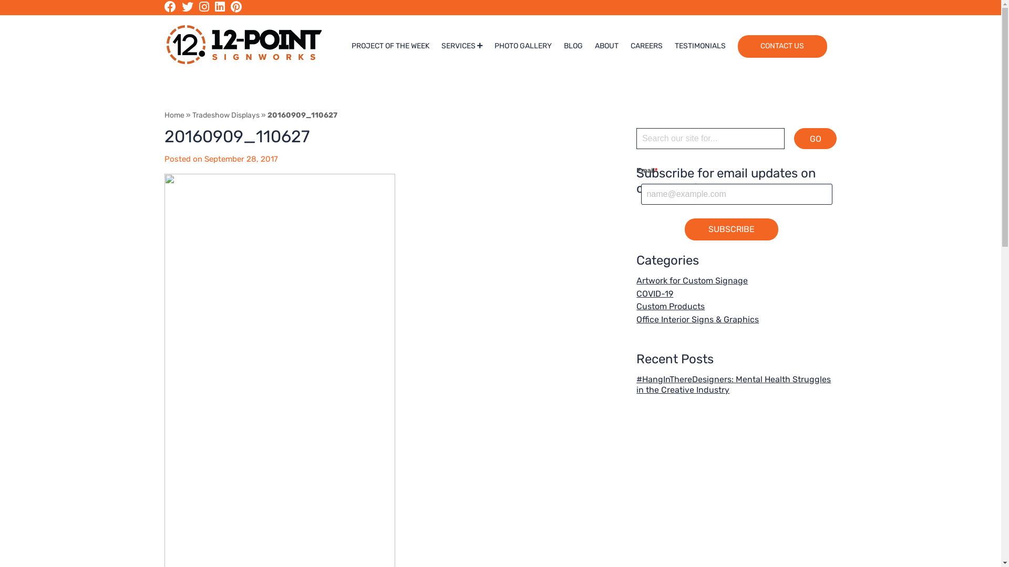 The image size is (1009, 567). Describe the element at coordinates (606, 46) in the screenshot. I see `'ABOUT'` at that location.